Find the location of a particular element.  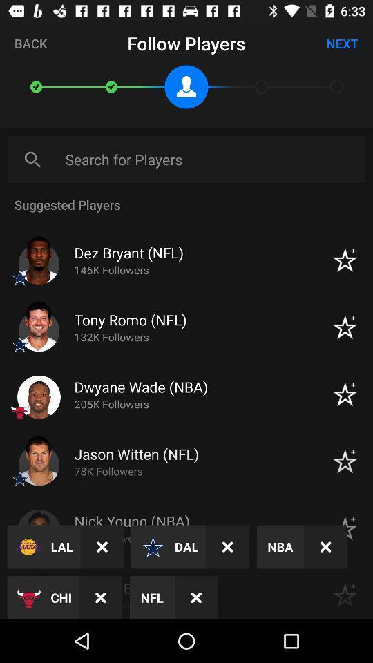

the close icon is located at coordinates (227, 547).